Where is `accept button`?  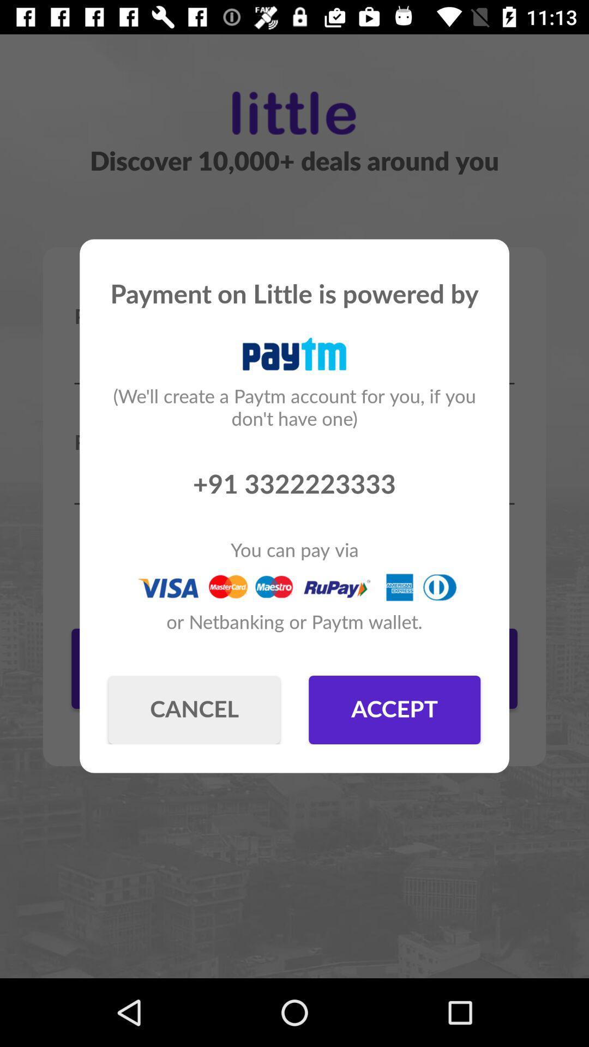
accept button is located at coordinates (394, 709).